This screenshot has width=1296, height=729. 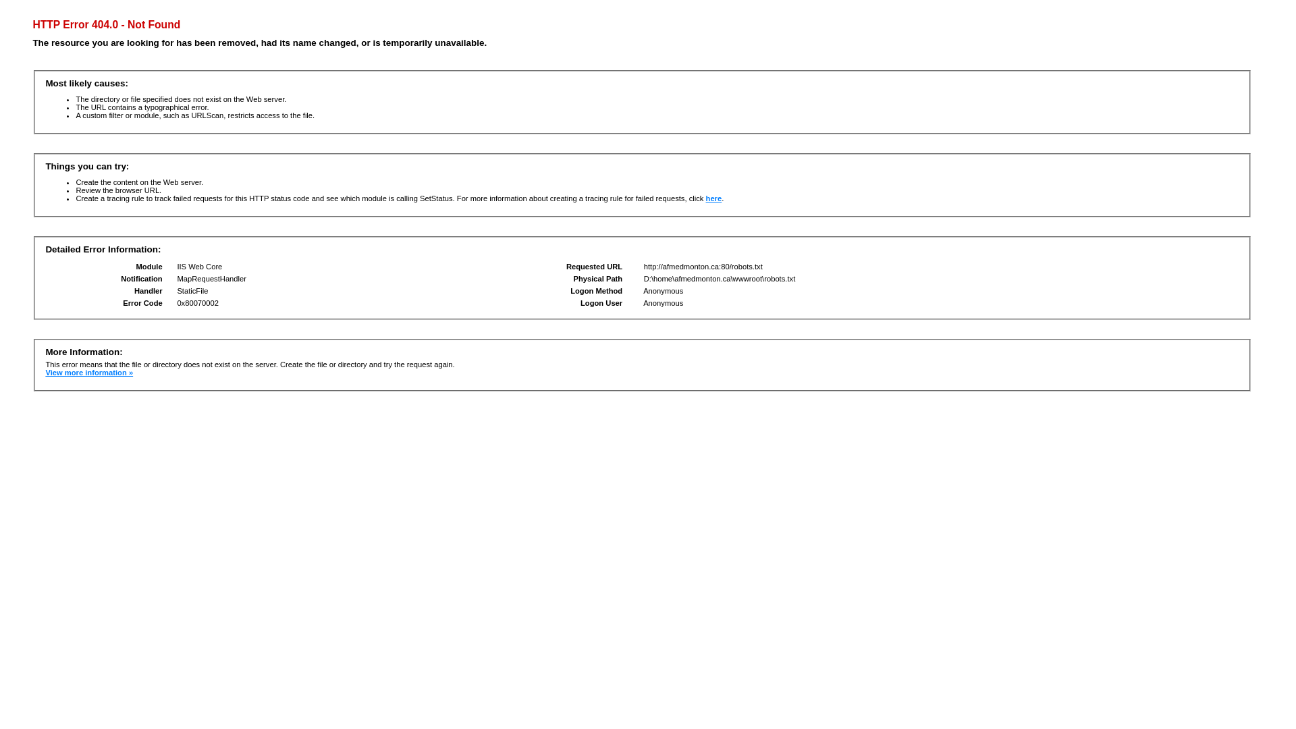 I want to click on 'here', so click(x=713, y=198).